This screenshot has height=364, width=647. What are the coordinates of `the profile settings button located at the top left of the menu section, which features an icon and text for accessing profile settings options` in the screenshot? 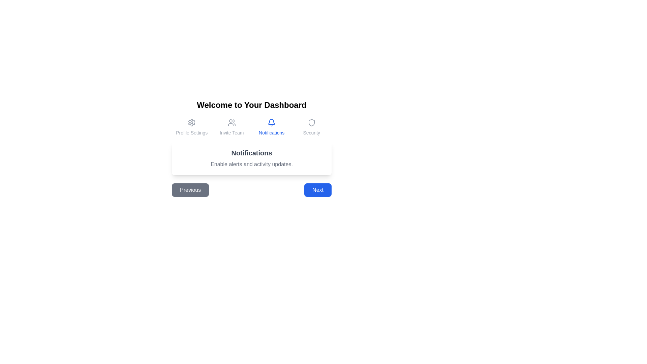 It's located at (191, 127).